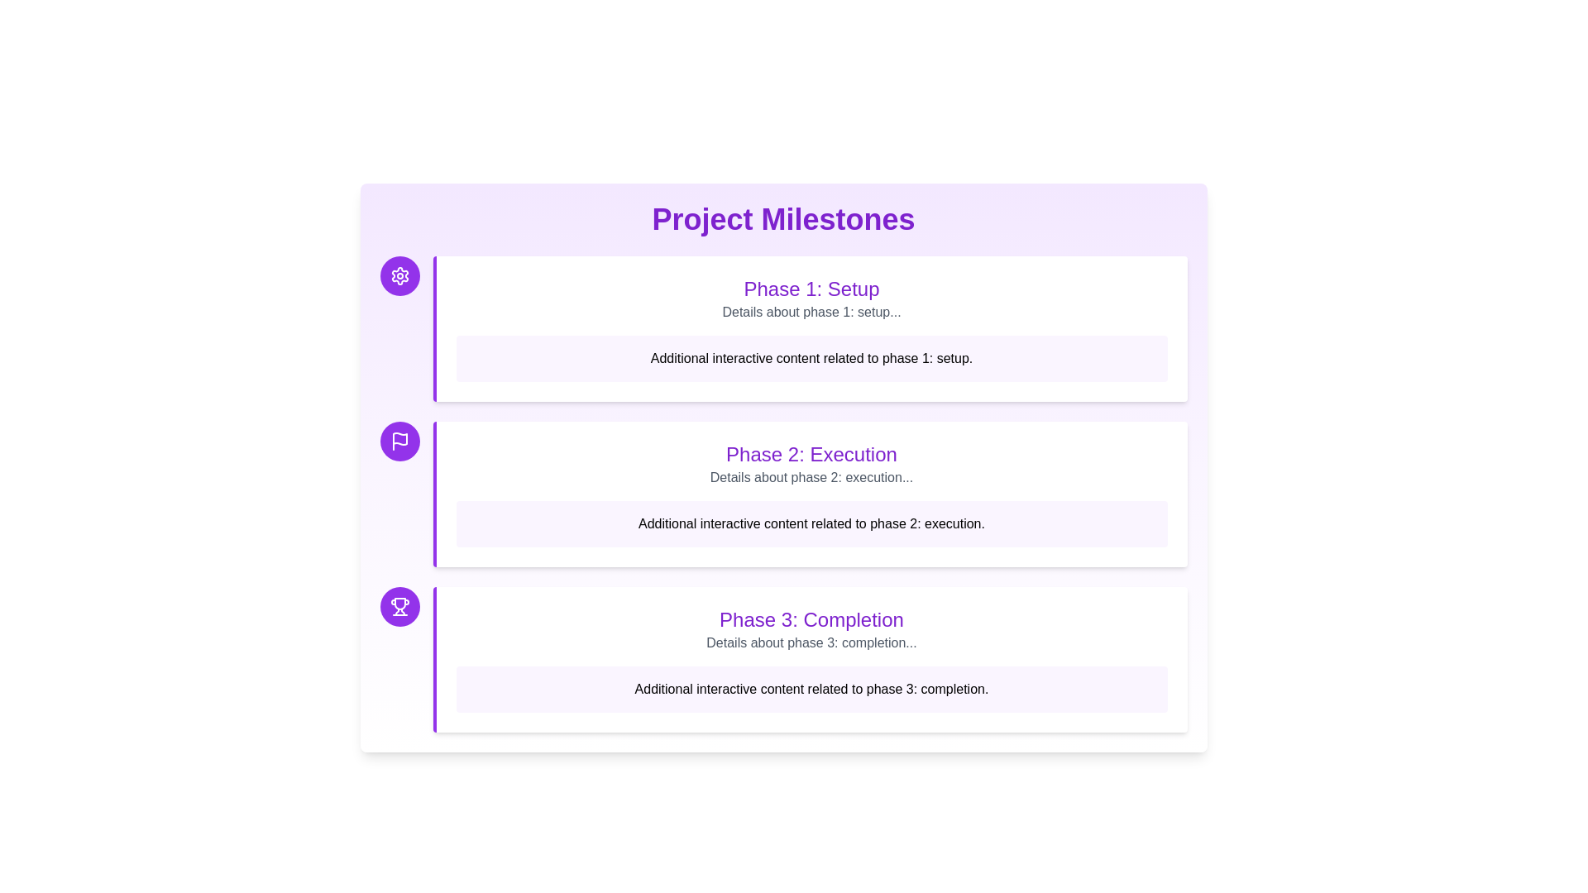 The width and height of the screenshot is (1588, 893). Describe the element at coordinates (811, 289) in the screenshot. I see `text of the heading element that serves as the title for the first phase section of the 'Project Milestones'` at that location.